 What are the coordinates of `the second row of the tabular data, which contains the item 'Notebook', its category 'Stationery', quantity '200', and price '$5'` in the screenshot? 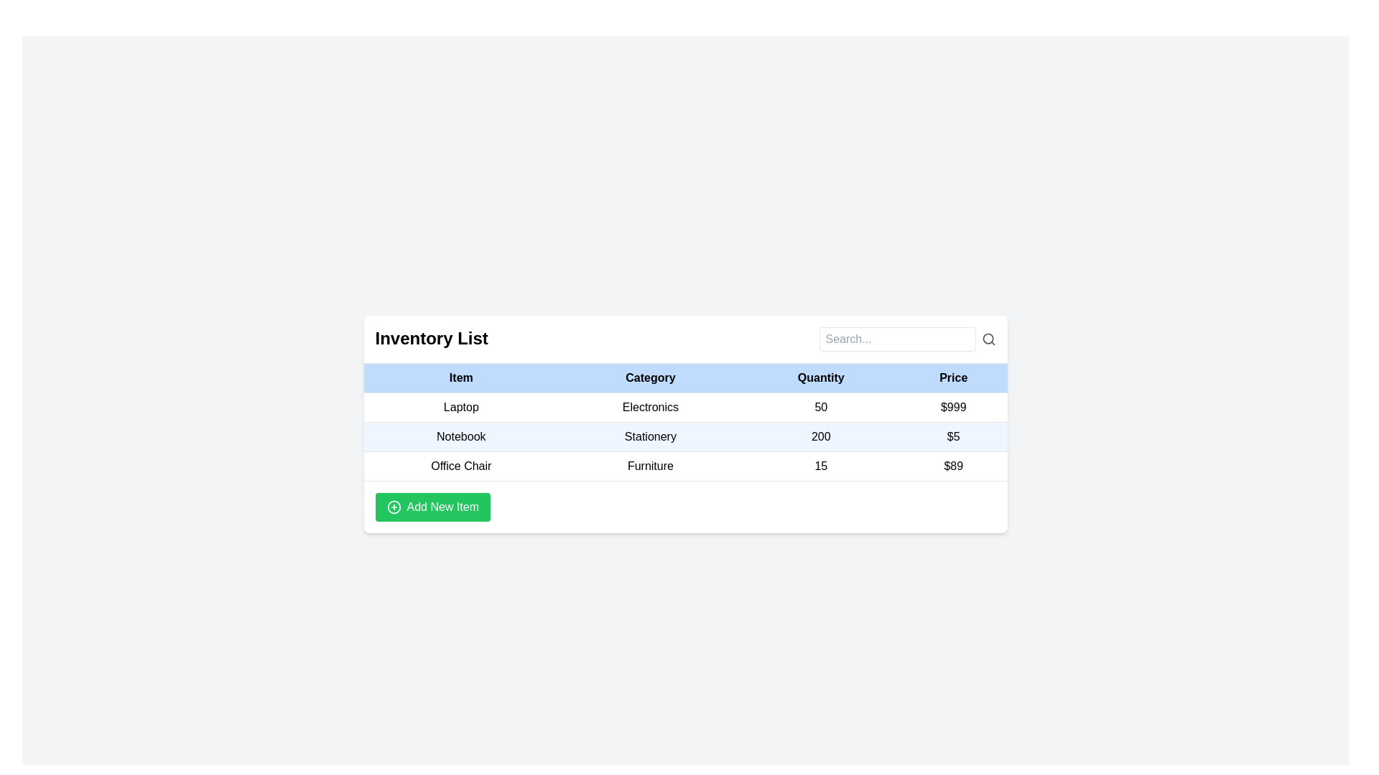 It's located at (684, 436).